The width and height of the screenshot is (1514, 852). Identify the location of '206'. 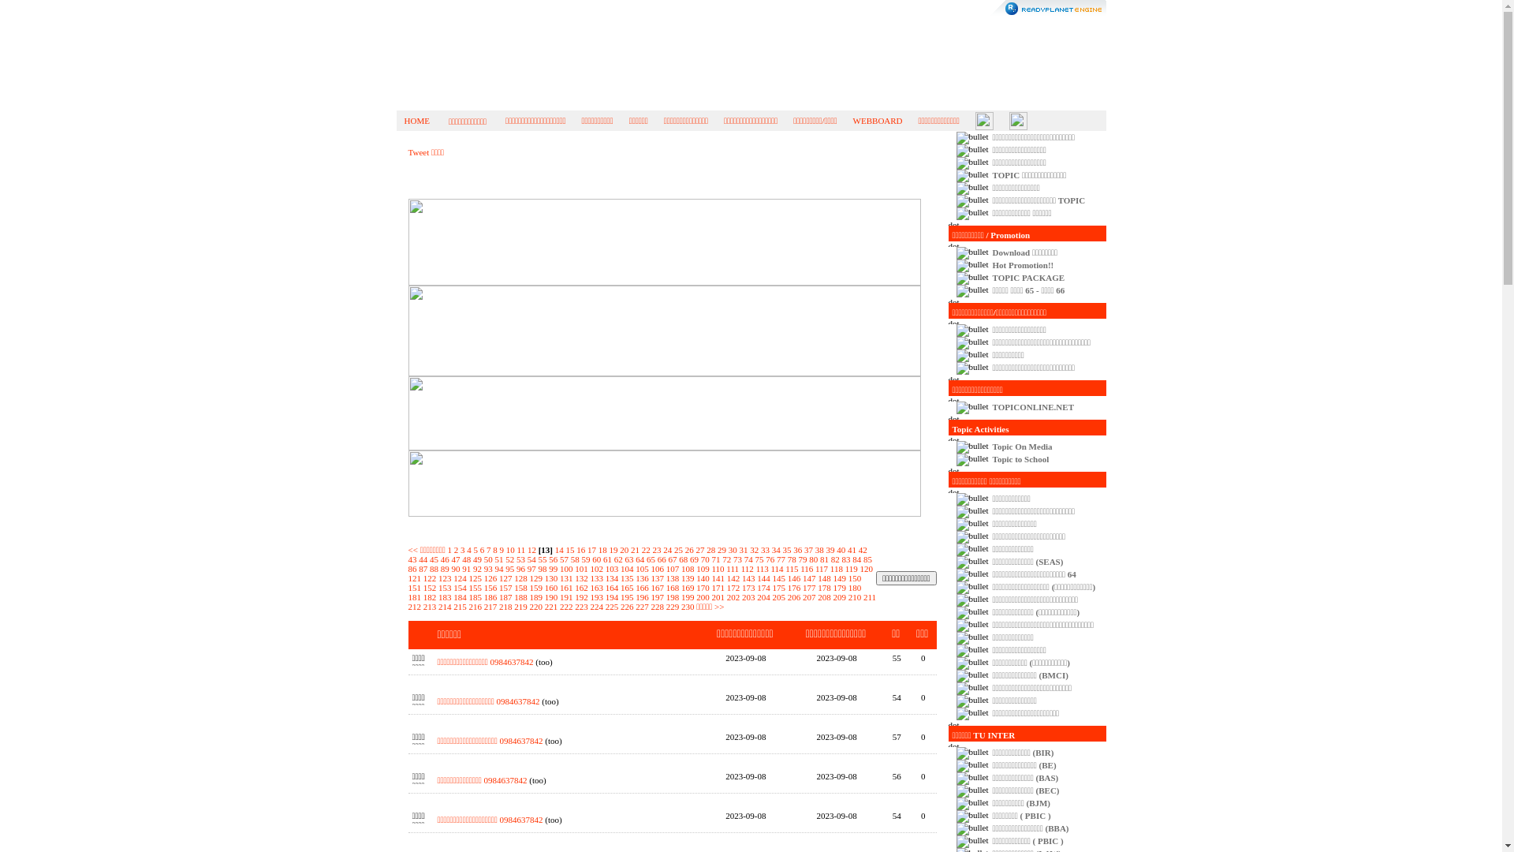
(794, 596).